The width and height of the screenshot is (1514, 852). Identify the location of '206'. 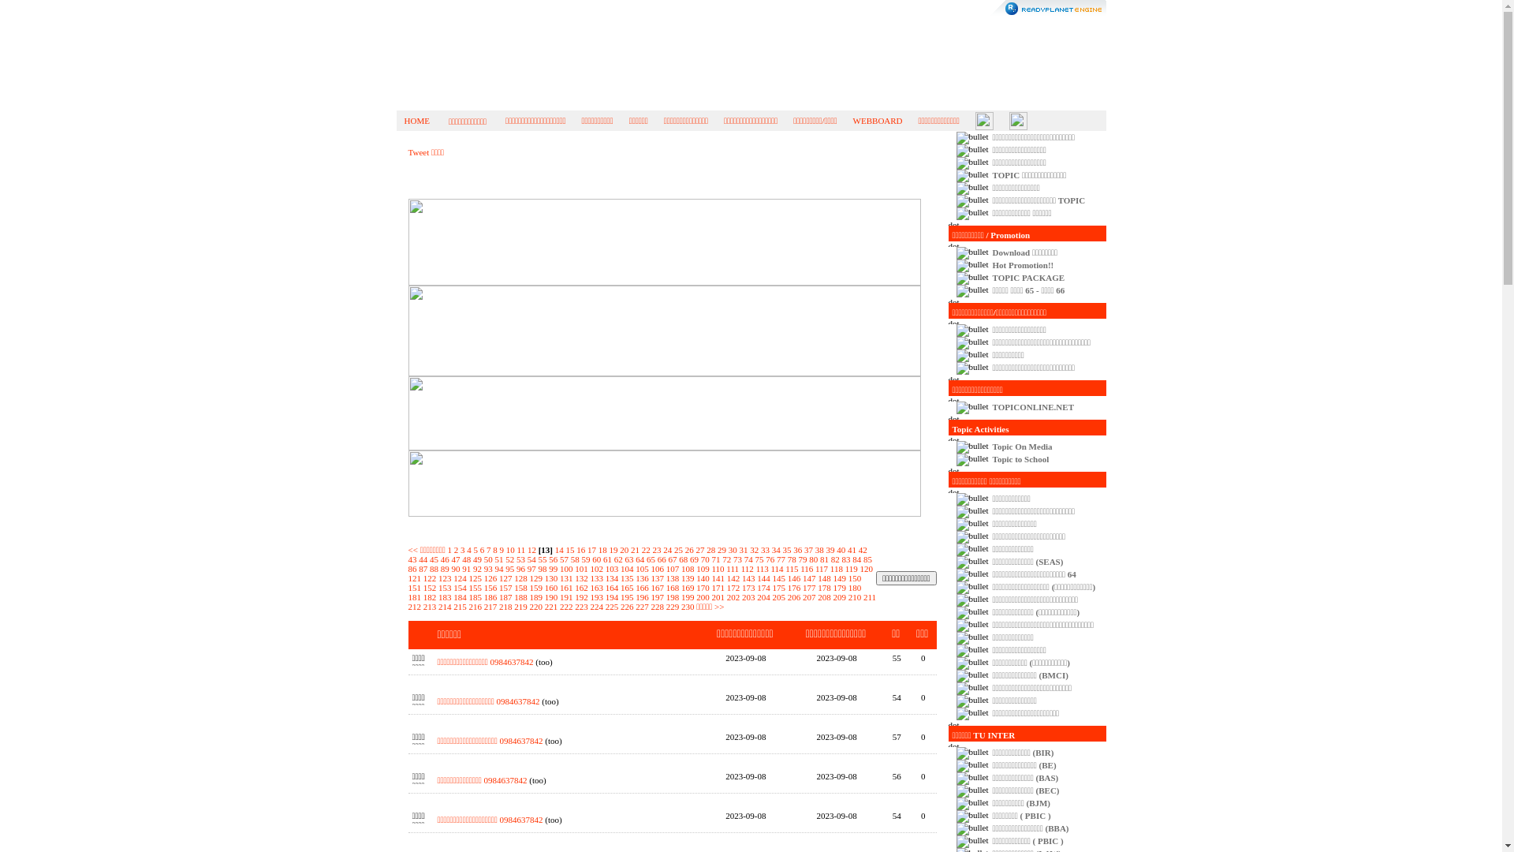
(794, 596).